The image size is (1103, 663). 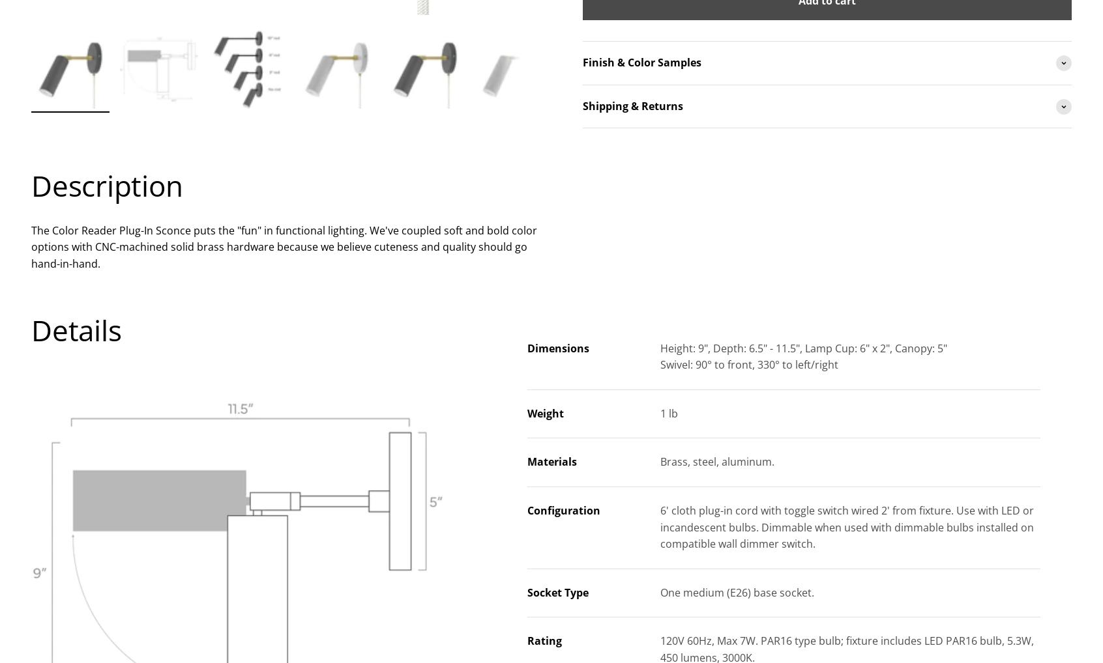 What do you see at coordinates (725, 281) in the screenshot?
I see `'to help with your decision.'` at bounding box center [725, 281].